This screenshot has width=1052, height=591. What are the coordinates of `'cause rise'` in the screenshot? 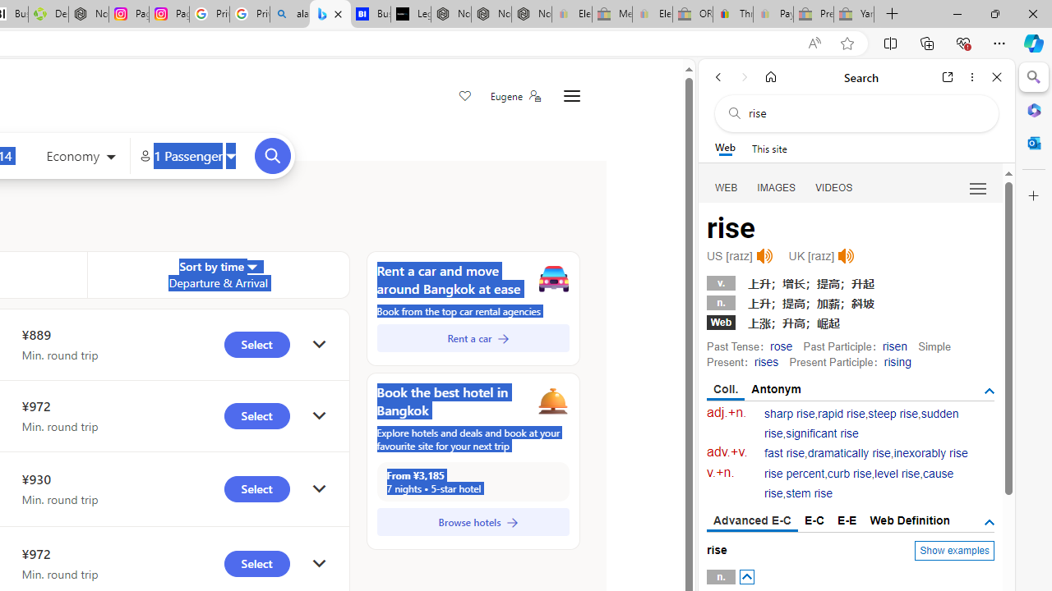 It's located at (858, 483).